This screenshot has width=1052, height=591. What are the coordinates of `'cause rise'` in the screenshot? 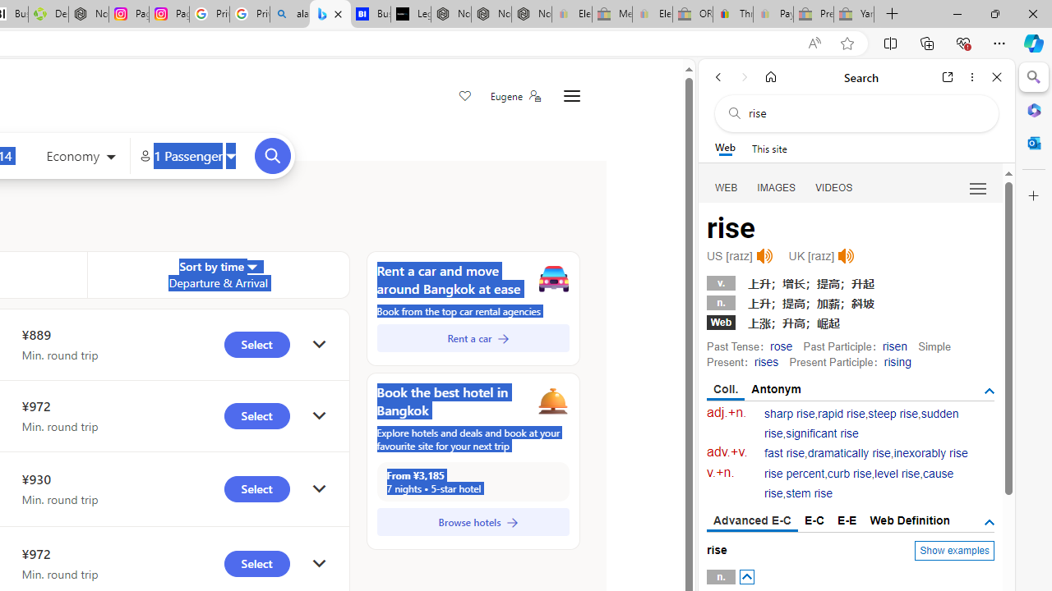 It's located at (858, 483).